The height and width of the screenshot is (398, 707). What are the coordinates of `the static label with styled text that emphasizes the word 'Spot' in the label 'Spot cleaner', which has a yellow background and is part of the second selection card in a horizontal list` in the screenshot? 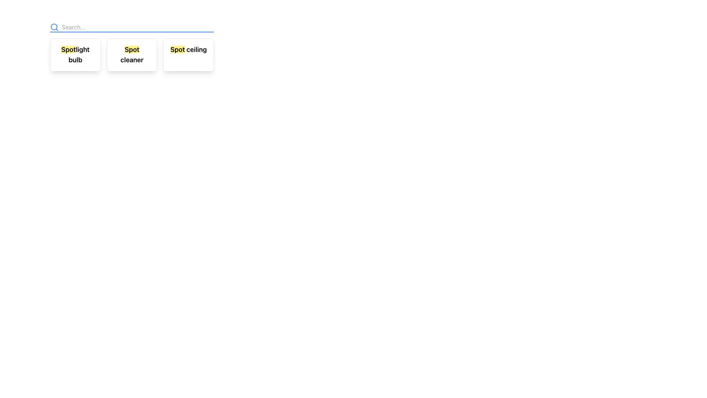 It's located at (132, 49).